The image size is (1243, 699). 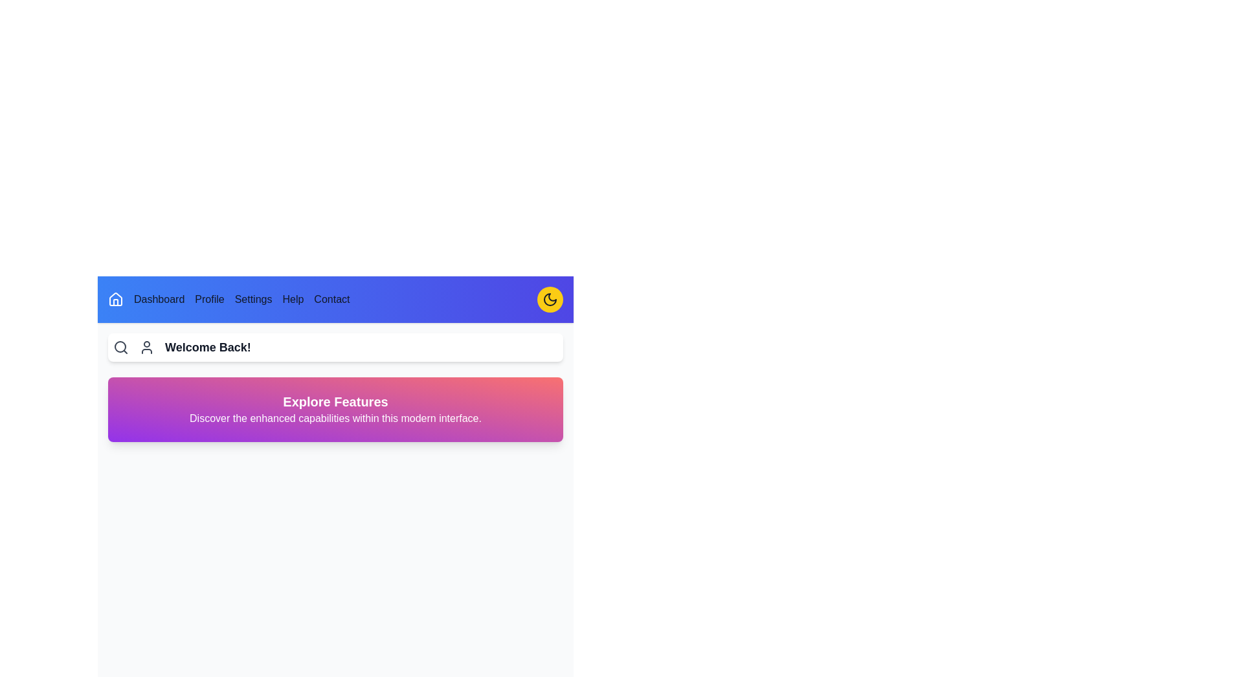 I want to click on the navigation menu item Help, so click(x=292, y=299).